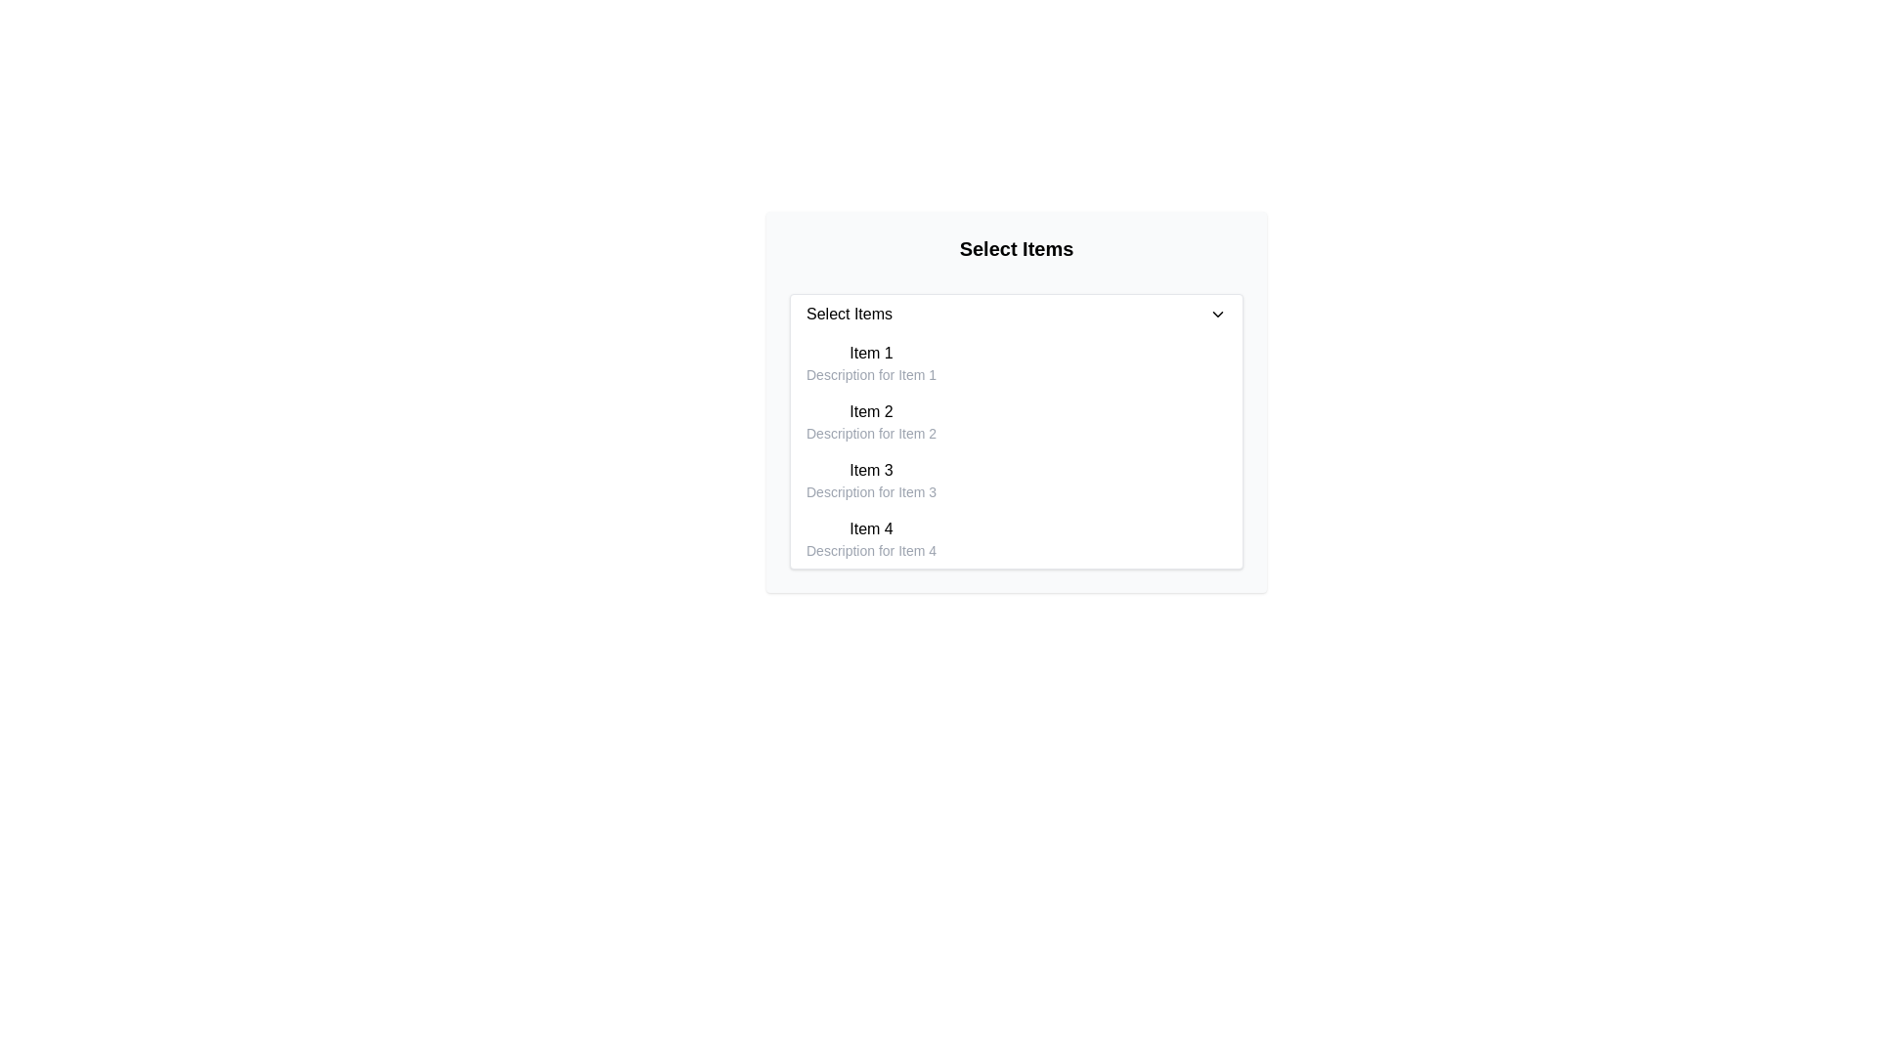  What do you see at coordinates (1017, 538) in the screenshot?
I see `the list item labeled 'Item 4'` at bounding box center [1017, 538].